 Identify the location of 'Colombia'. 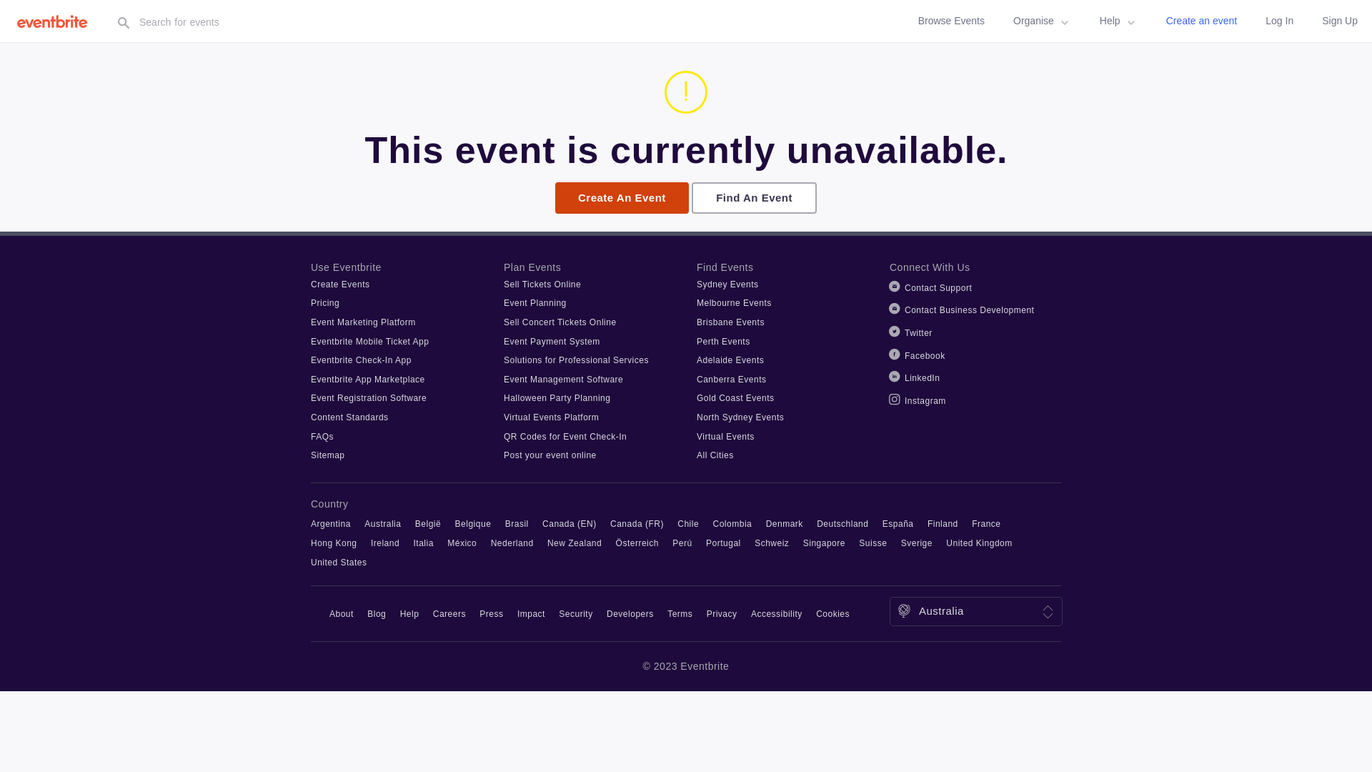
(732, 523).